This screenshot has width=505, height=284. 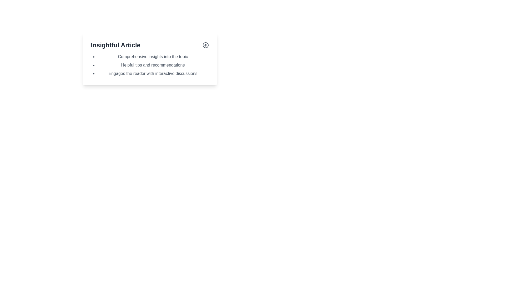 What do you see at coordinates (153, 74) in the screenshot?
I see `the third bullet-point item in the list under 'Insightful Article' that reads 'Engages the reader with interactive discussions'` at bounding box center [153, 74].